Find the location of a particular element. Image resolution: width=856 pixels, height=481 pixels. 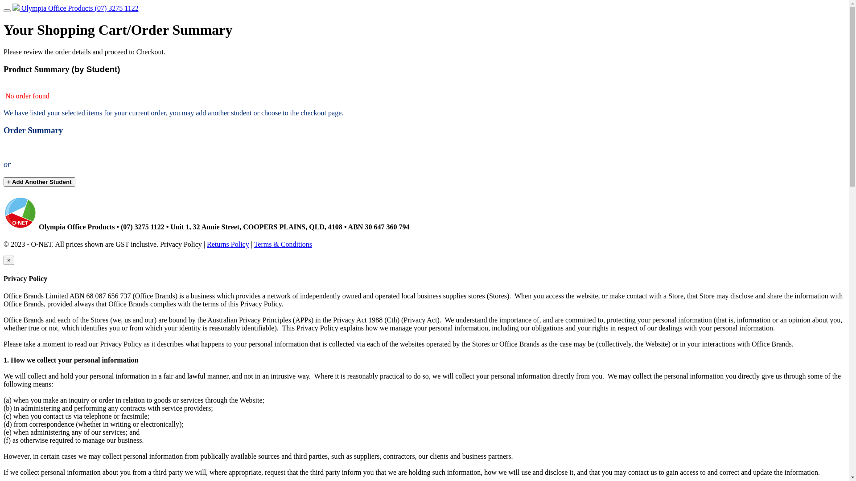

'Returns Policy' is located at coordinates (206, 244).